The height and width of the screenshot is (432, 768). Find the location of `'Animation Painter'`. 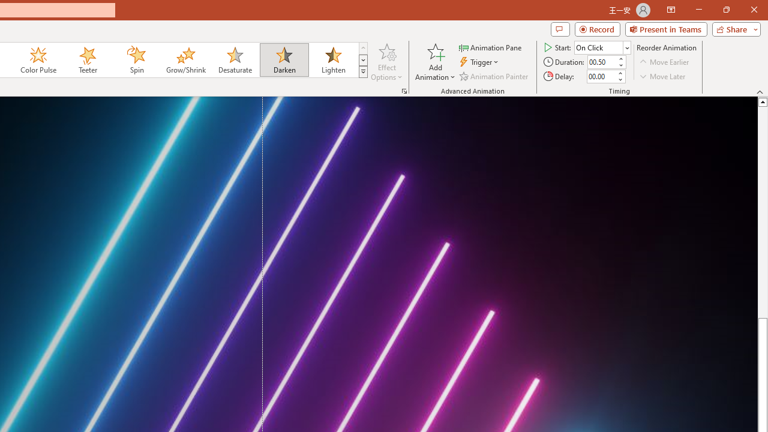

'Animation Painter' is located at coordinates (494, 76).